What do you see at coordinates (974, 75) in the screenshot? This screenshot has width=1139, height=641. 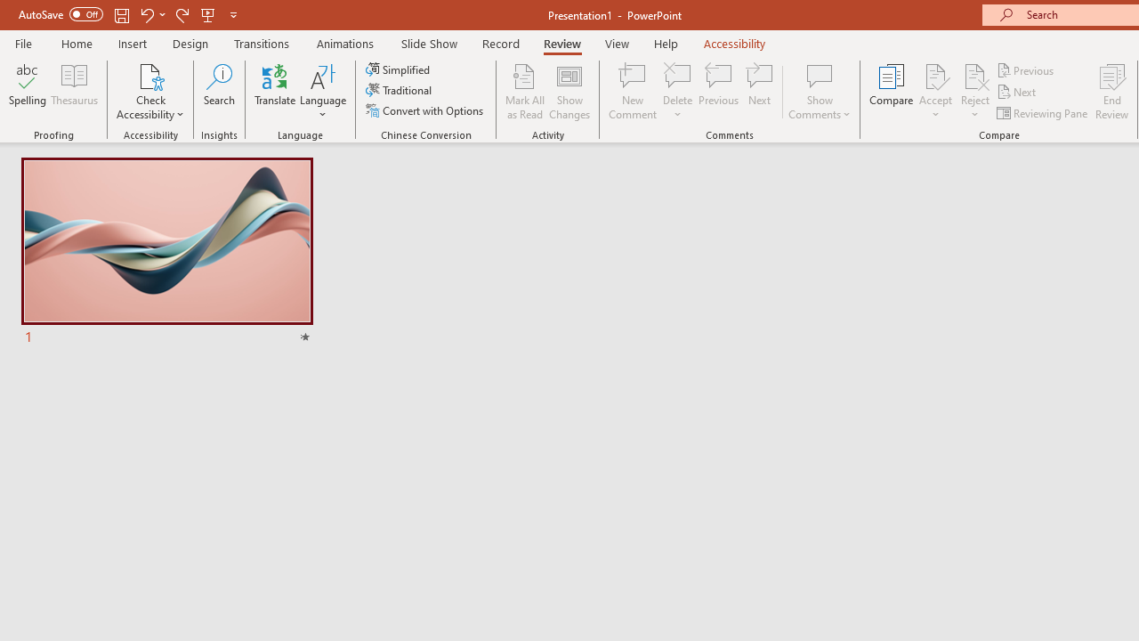 I see `'Reject Change'` at bounding box center [974, 75].